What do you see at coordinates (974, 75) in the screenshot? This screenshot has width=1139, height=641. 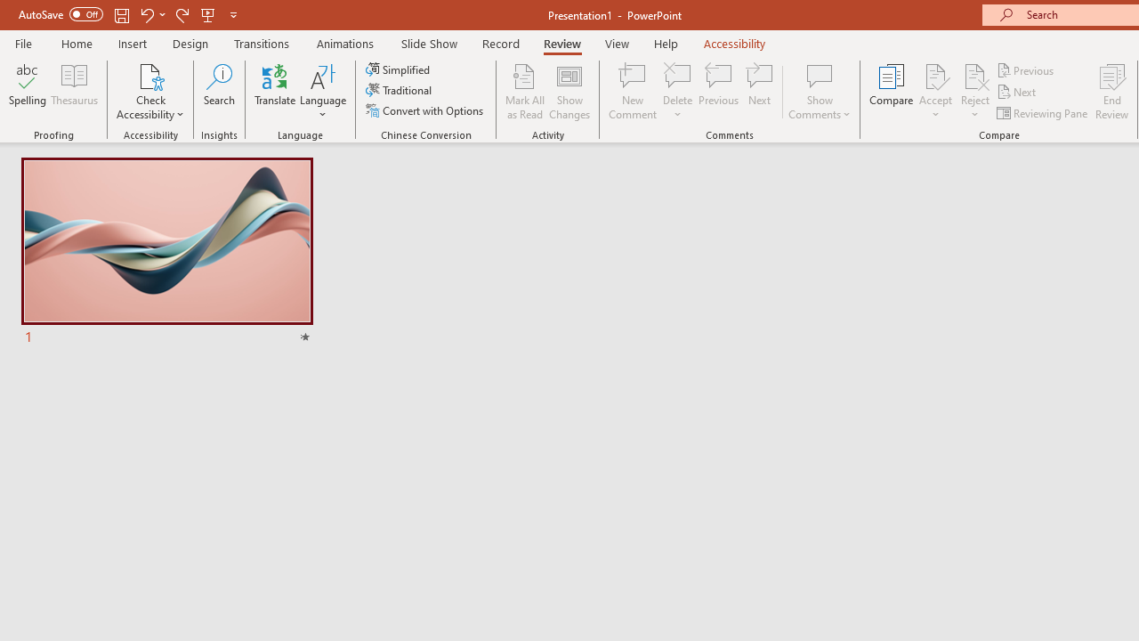 I see `'Reject Change'` at bounding box center [974, 75].